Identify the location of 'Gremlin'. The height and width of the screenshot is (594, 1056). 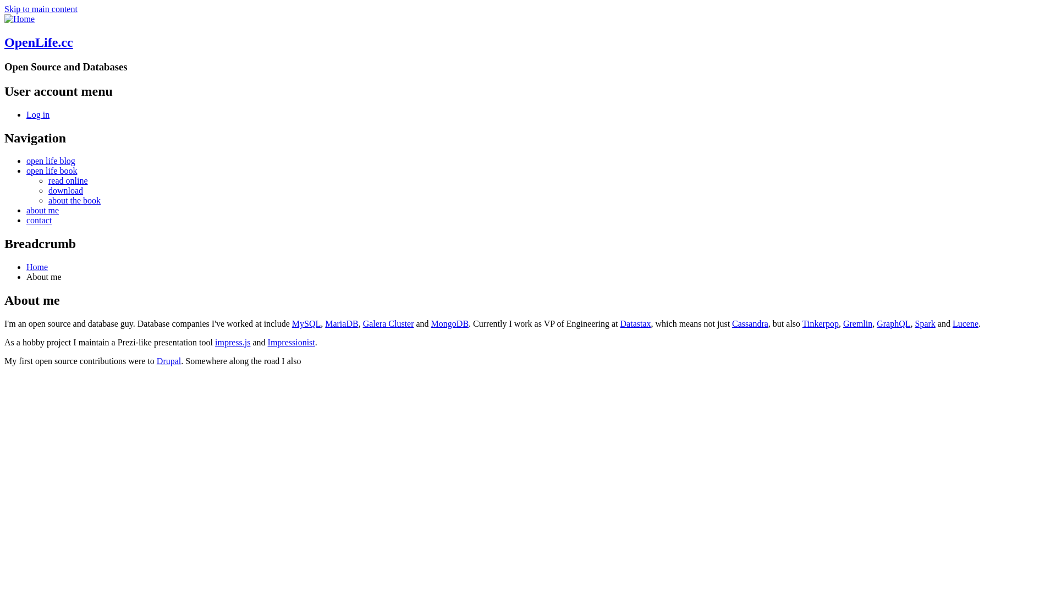
(857, 323).